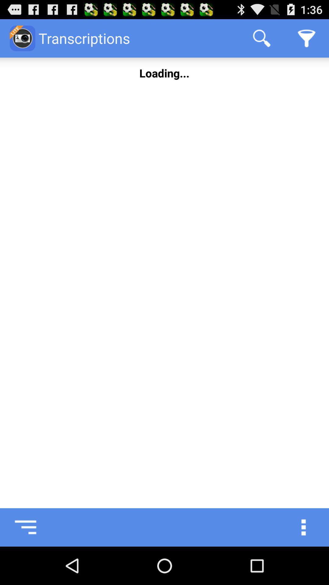  What do you see at coordinates (310, 564) in the screenshot?
I see `the more icon` at bounding box center [310, 564].